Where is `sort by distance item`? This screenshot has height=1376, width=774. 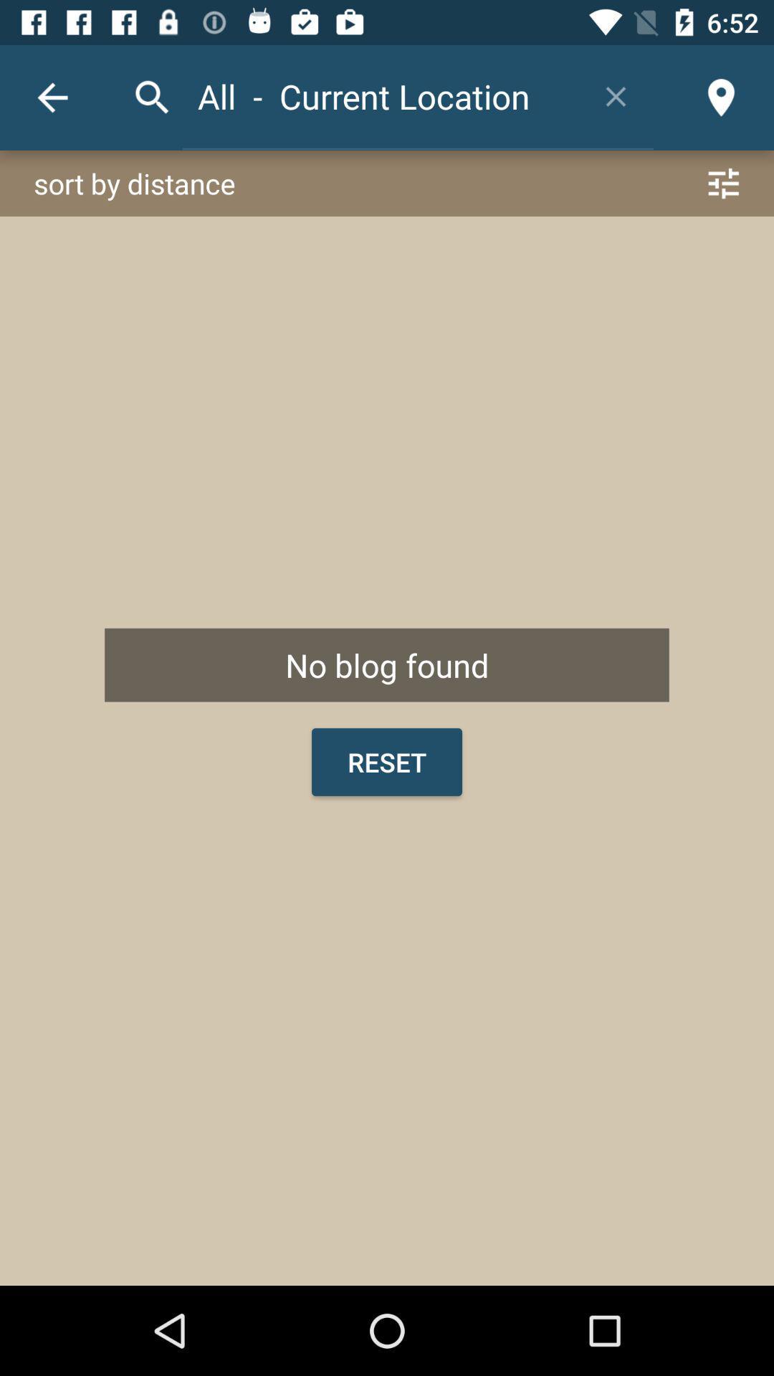
sort by distance item is located at coordinates (387, 183).